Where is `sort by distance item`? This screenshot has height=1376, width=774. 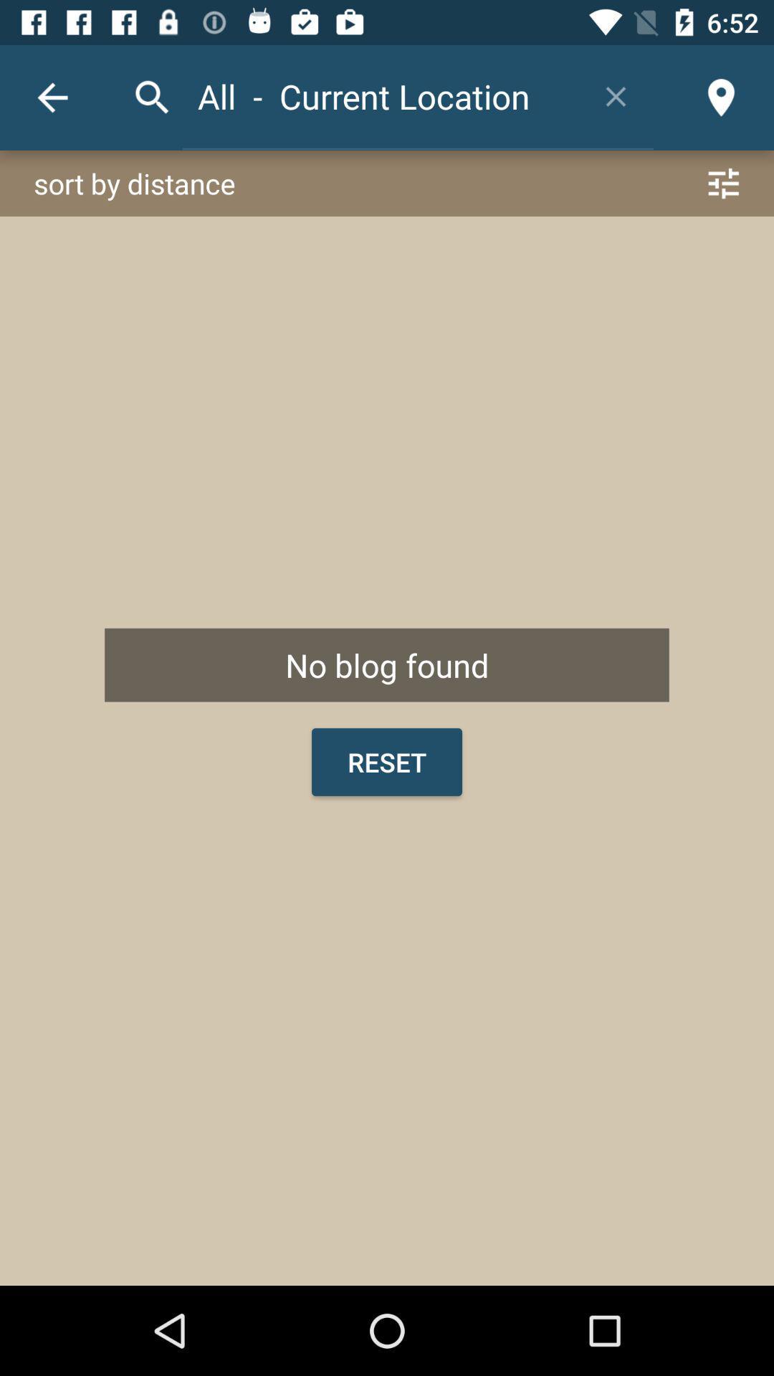
sort by distance item is located at coordinates (387, 183).